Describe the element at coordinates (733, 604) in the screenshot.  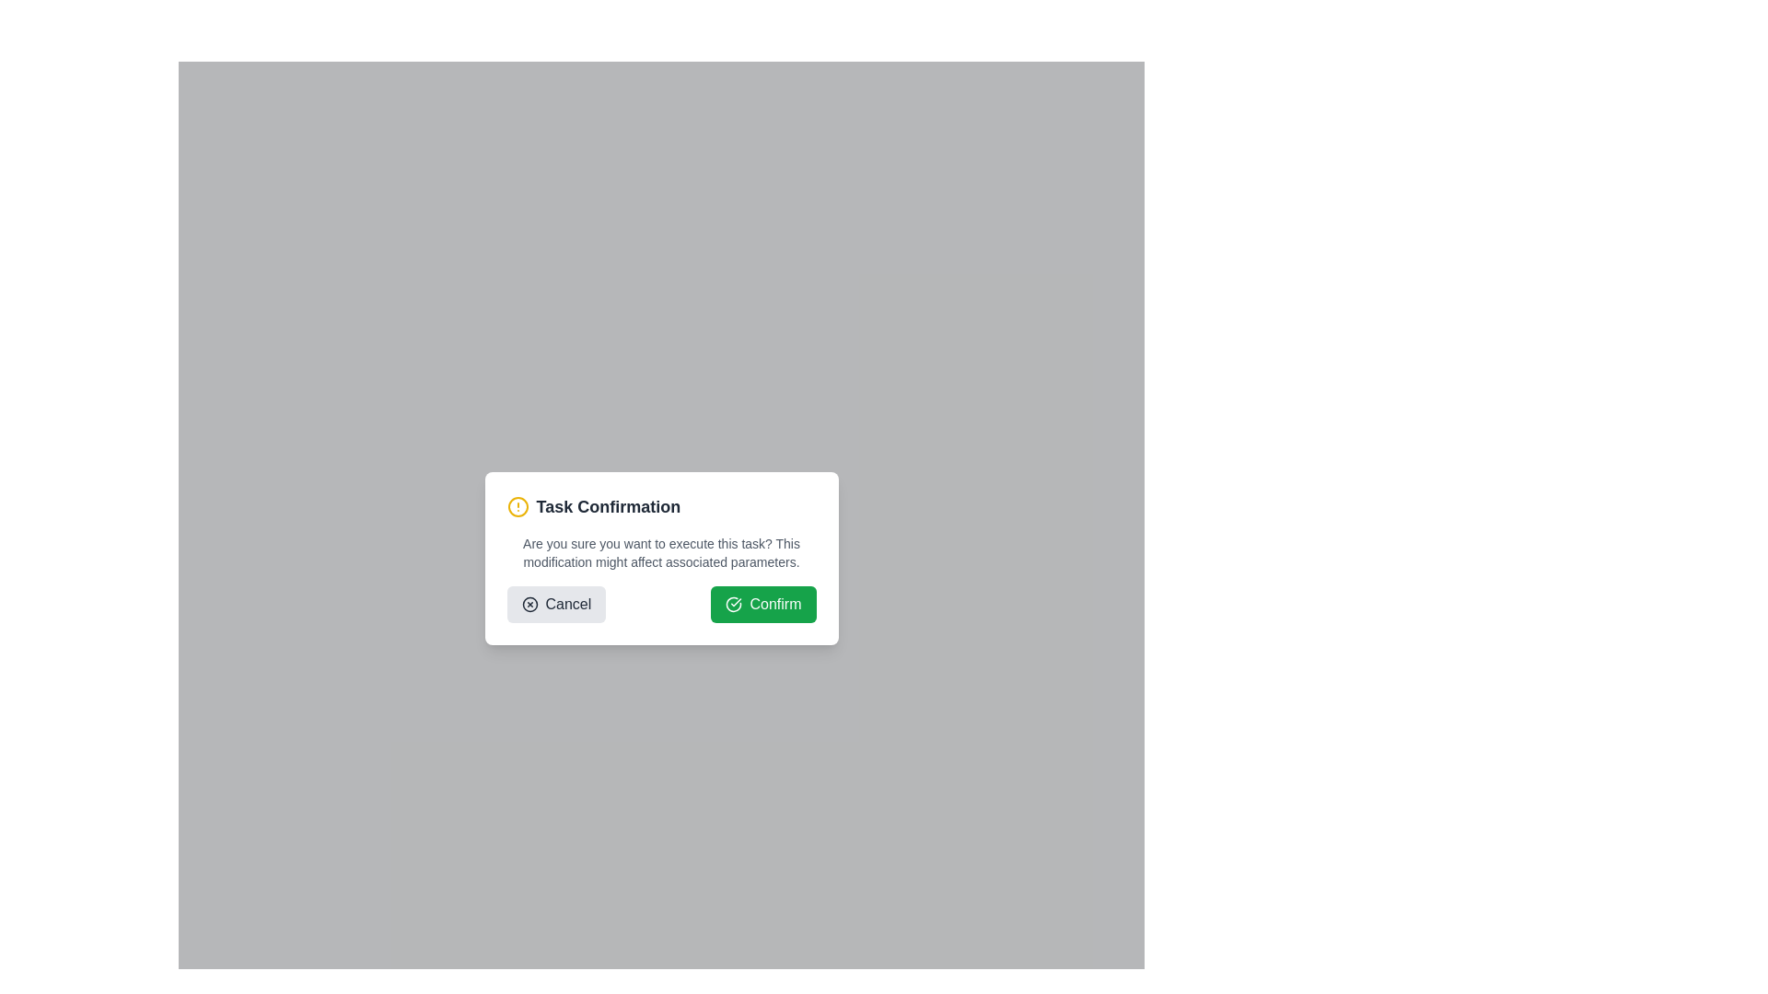
I see `the circular icon element located at the left side of the title area of the confirmation dialog box` at that location.